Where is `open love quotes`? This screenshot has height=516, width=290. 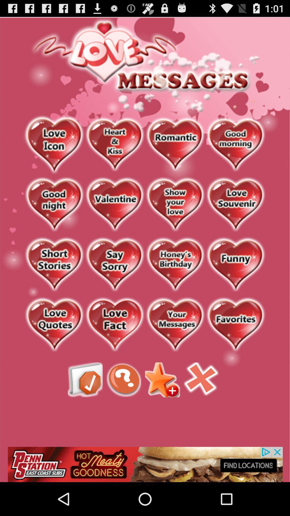 open love quotes is located at coordinates (54, 325).